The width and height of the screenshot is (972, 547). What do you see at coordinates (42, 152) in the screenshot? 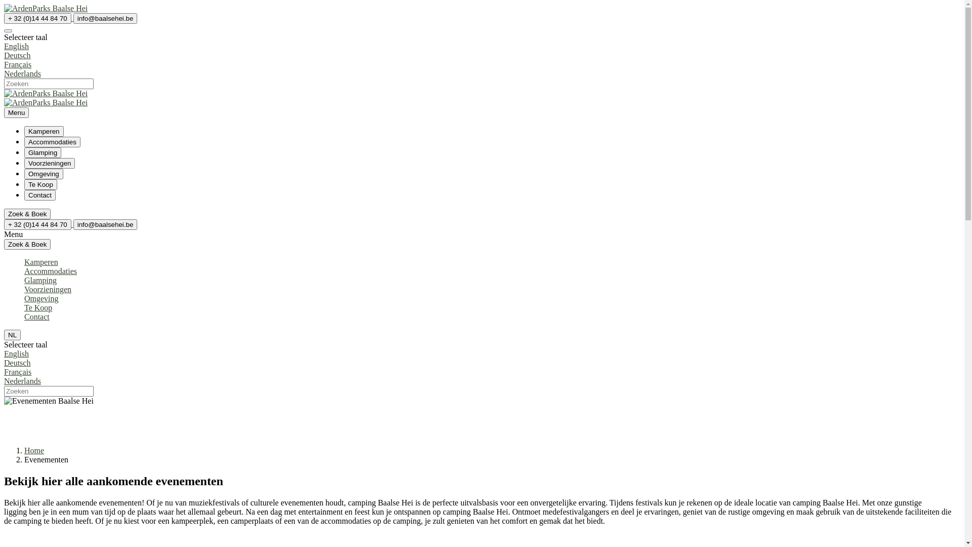
I see `'Glamping'` at bounding box center [42, 152].